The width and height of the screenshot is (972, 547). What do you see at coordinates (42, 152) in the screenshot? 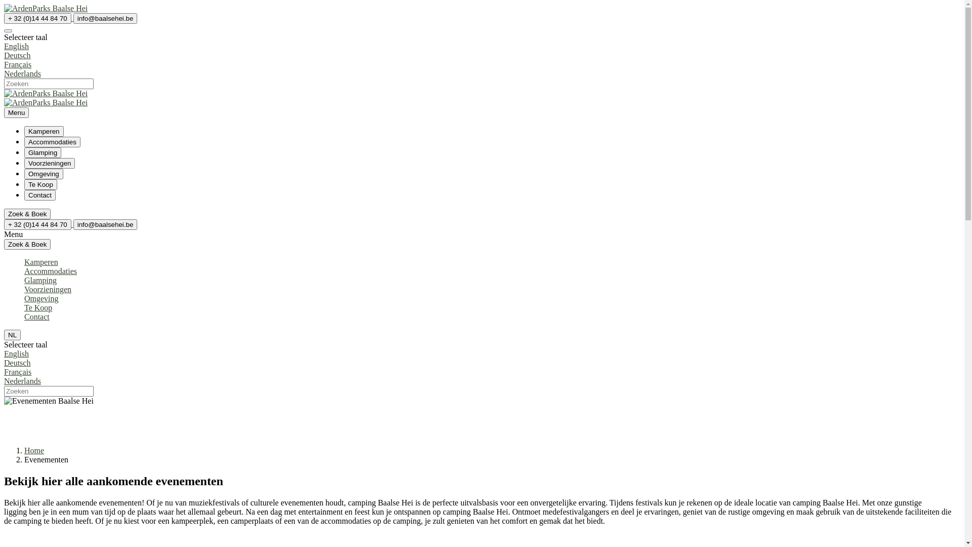
I see `'Glamping'` at bounding box center [42, 152].